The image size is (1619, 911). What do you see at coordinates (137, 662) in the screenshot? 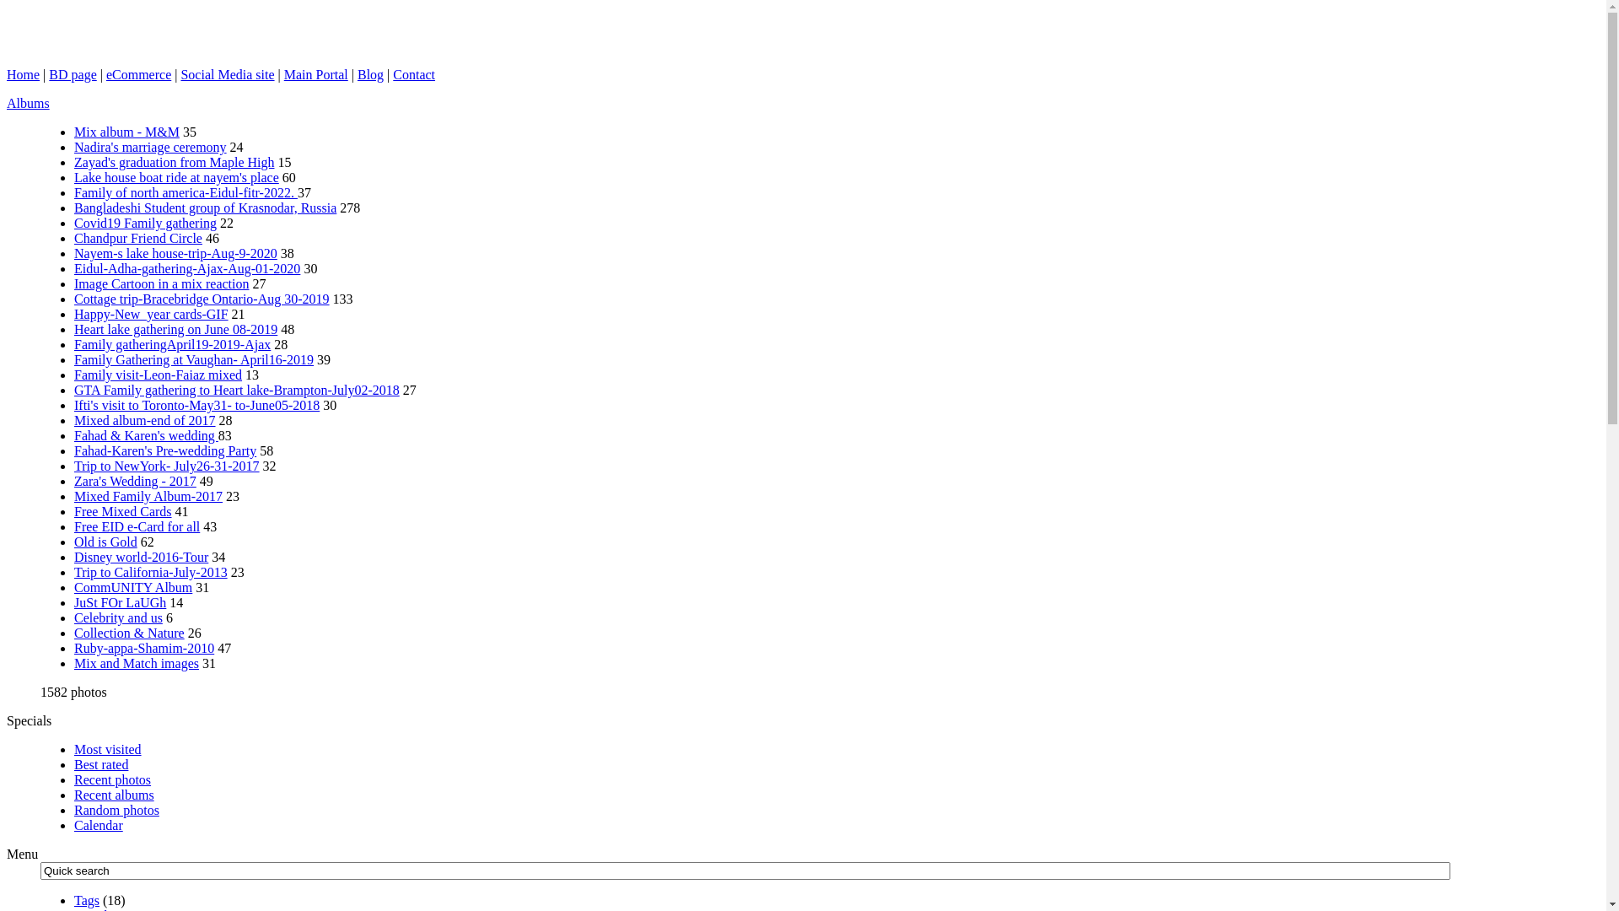
I see `'Mix and Match images'` at bounding box center [137, 662].